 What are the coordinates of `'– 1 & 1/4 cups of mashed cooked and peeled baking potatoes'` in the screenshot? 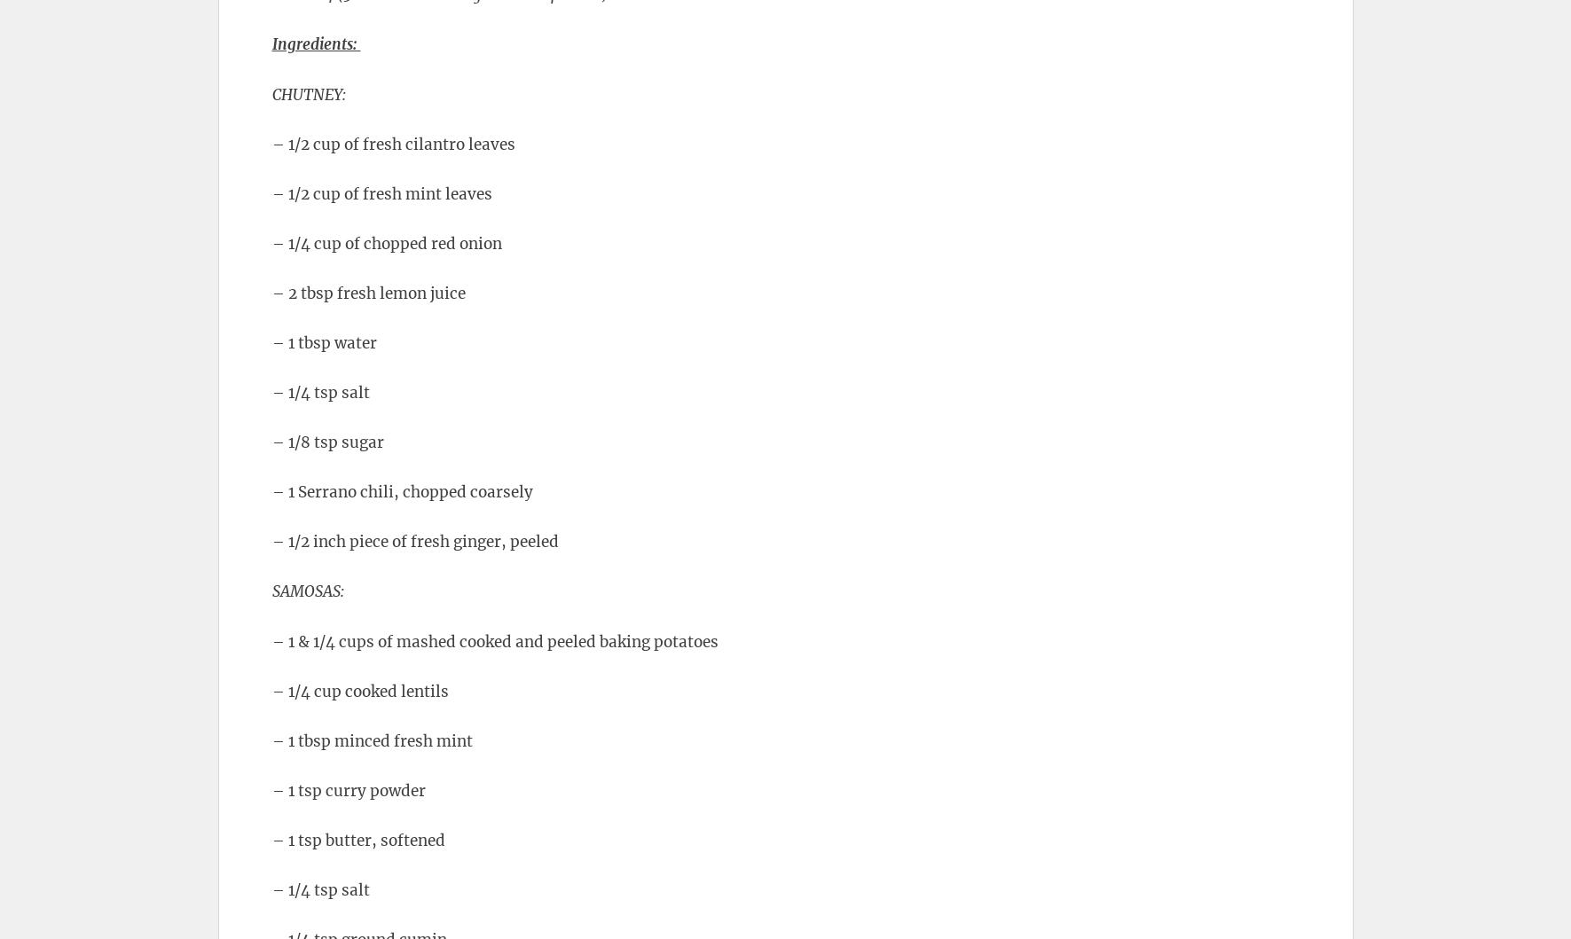 It's located at (493, 640).